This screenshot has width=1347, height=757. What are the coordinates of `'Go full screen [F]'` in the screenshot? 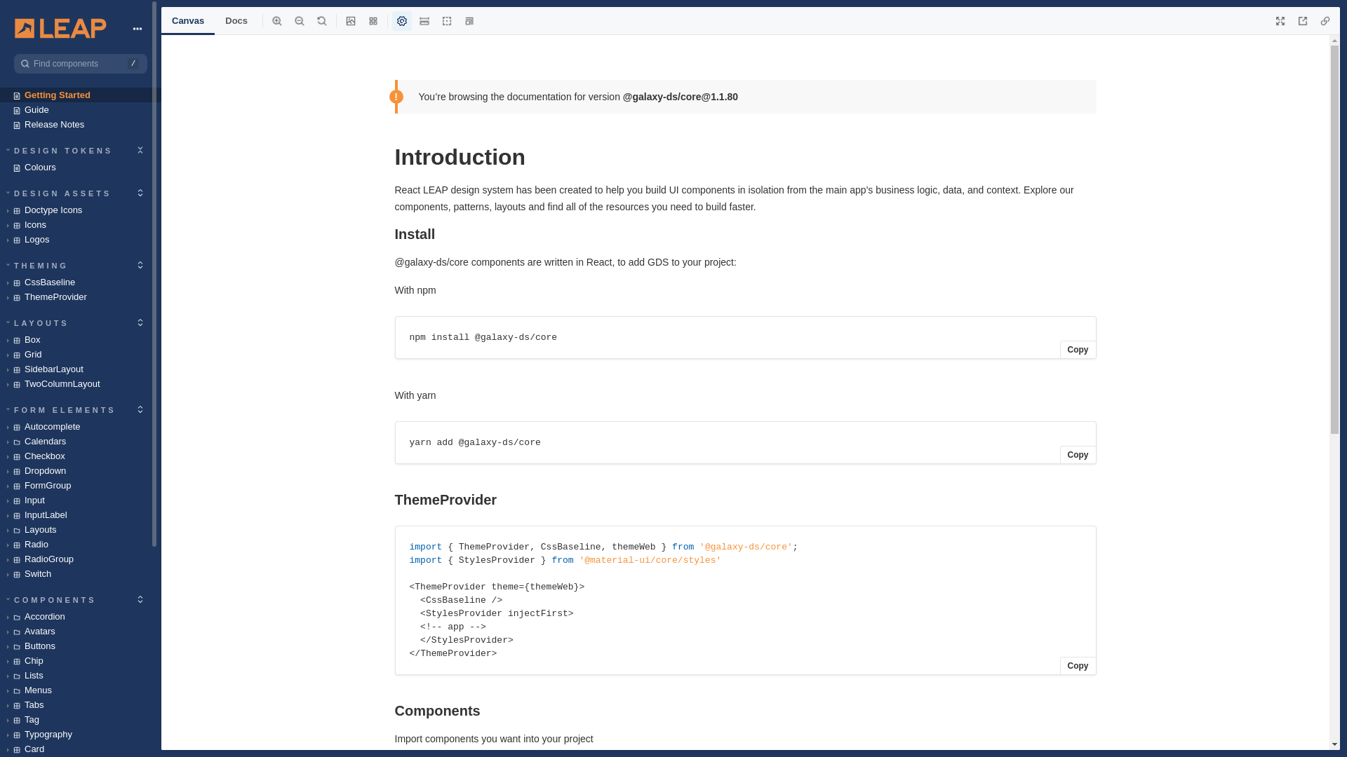 It's located at (1280, 21).